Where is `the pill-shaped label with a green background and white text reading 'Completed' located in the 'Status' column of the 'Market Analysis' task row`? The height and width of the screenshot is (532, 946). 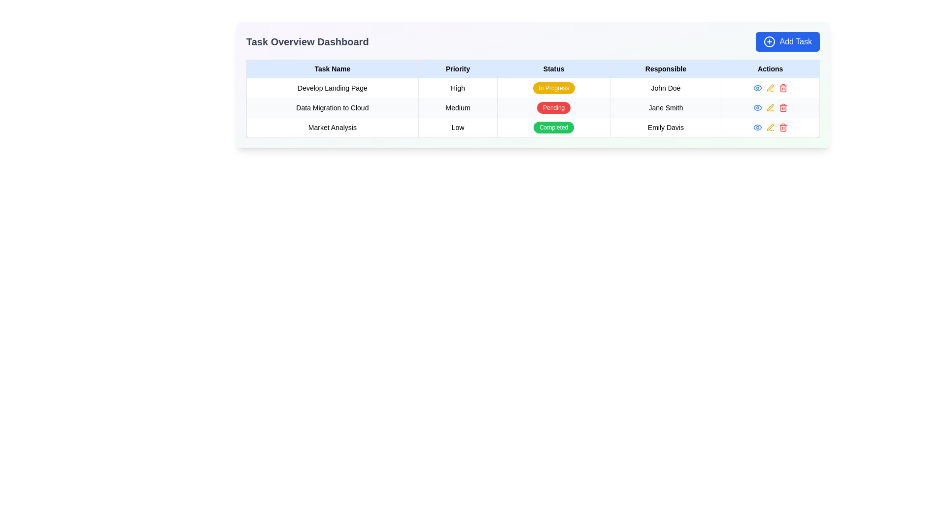
the pill-shaped label with a green background and white text reading 'Completed' located in the 'Status' column of the 'Market Analysis' task row is located at coordinates (554, 127).